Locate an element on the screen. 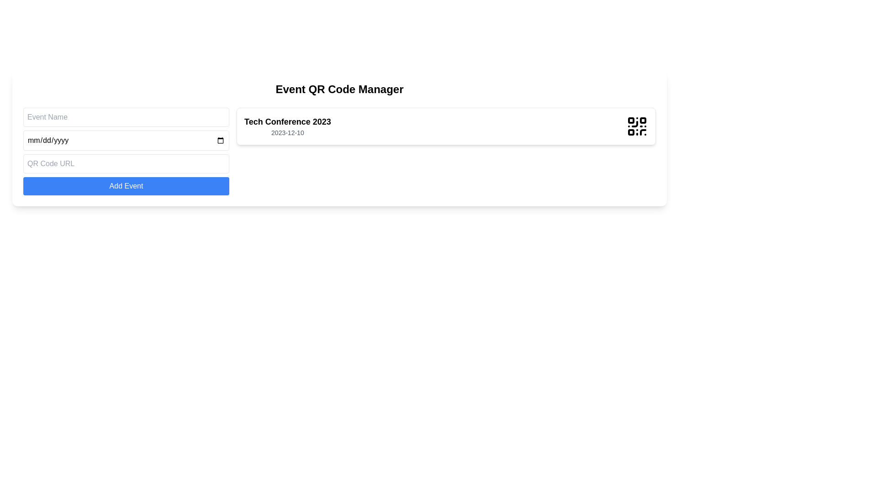 The height and width of the screenshot is (493, 877). the second square in the top row of the QR code icon located in the top right corner of the white card containing the event details is located at coordinates (642, 120).